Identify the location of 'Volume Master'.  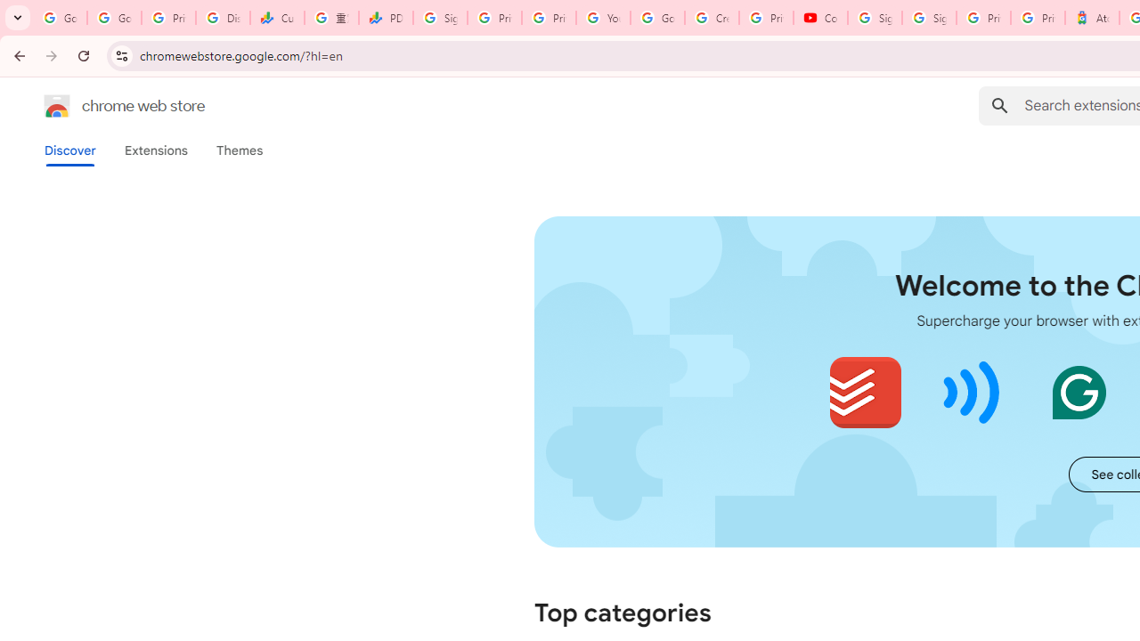
(971, 392).